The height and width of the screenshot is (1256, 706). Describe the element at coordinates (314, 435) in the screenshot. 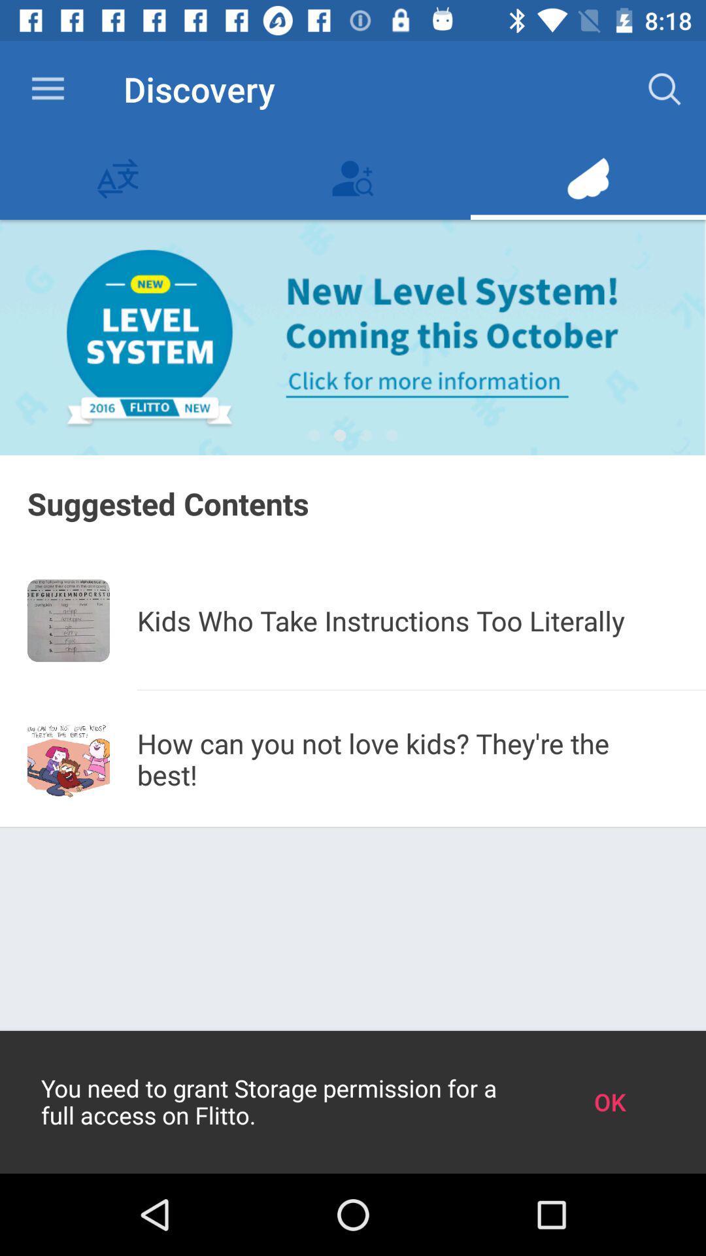

I see `the icon above suggested contents item` at that location.